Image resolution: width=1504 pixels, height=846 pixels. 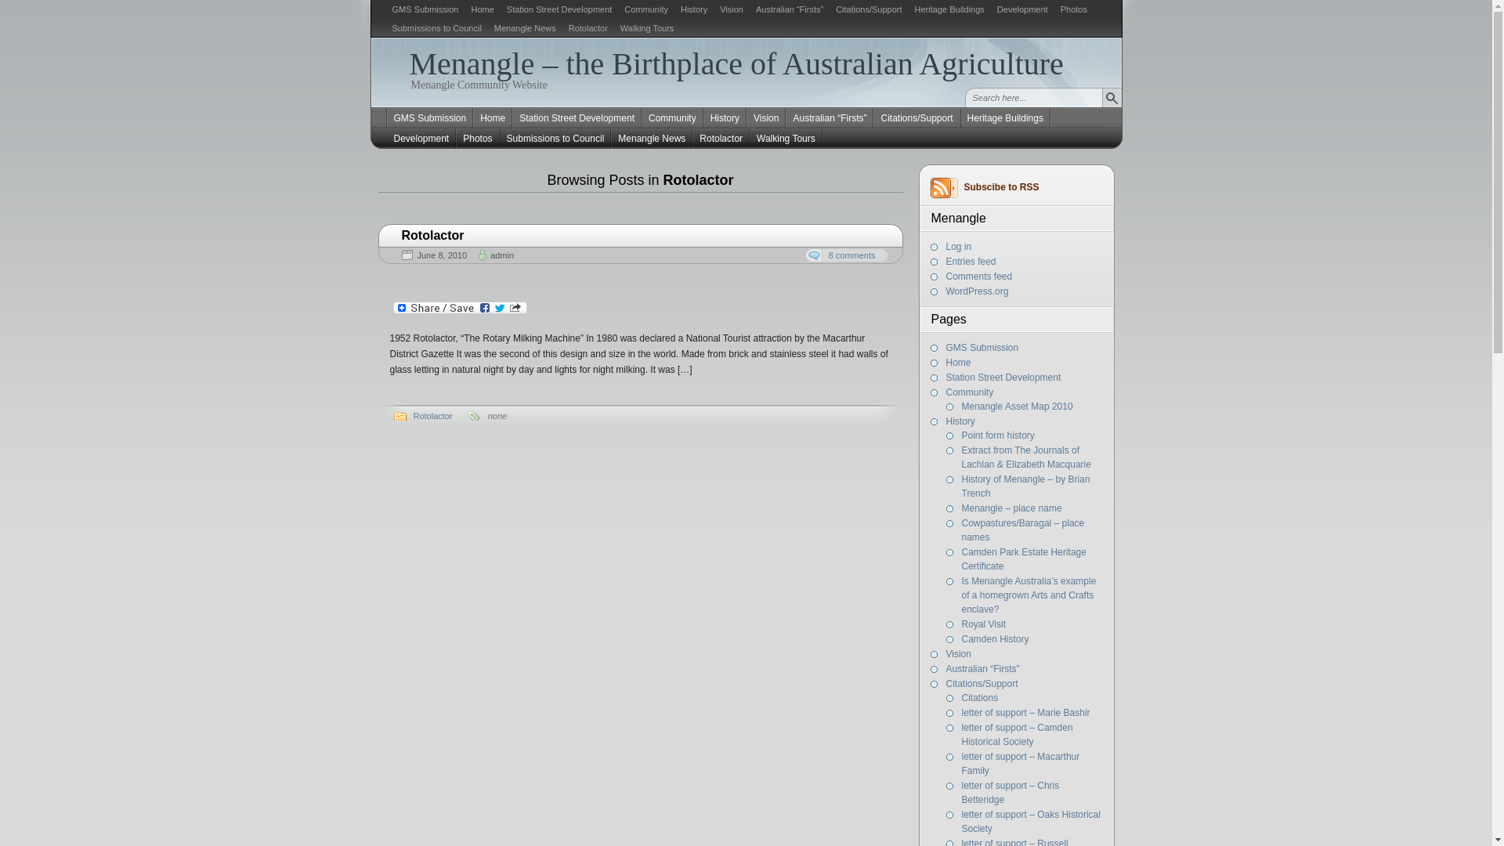 I want to click on 'Development', so click(x=421, y=138).